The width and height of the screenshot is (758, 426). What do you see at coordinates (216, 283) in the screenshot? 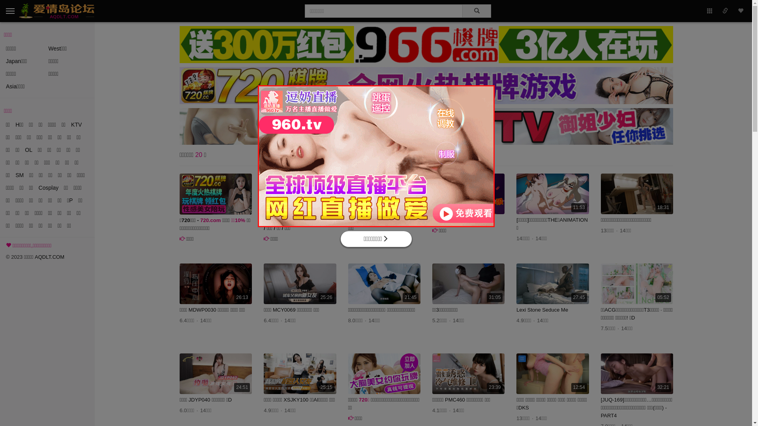
I see `'26:13'` at bounding box center [216, 283].